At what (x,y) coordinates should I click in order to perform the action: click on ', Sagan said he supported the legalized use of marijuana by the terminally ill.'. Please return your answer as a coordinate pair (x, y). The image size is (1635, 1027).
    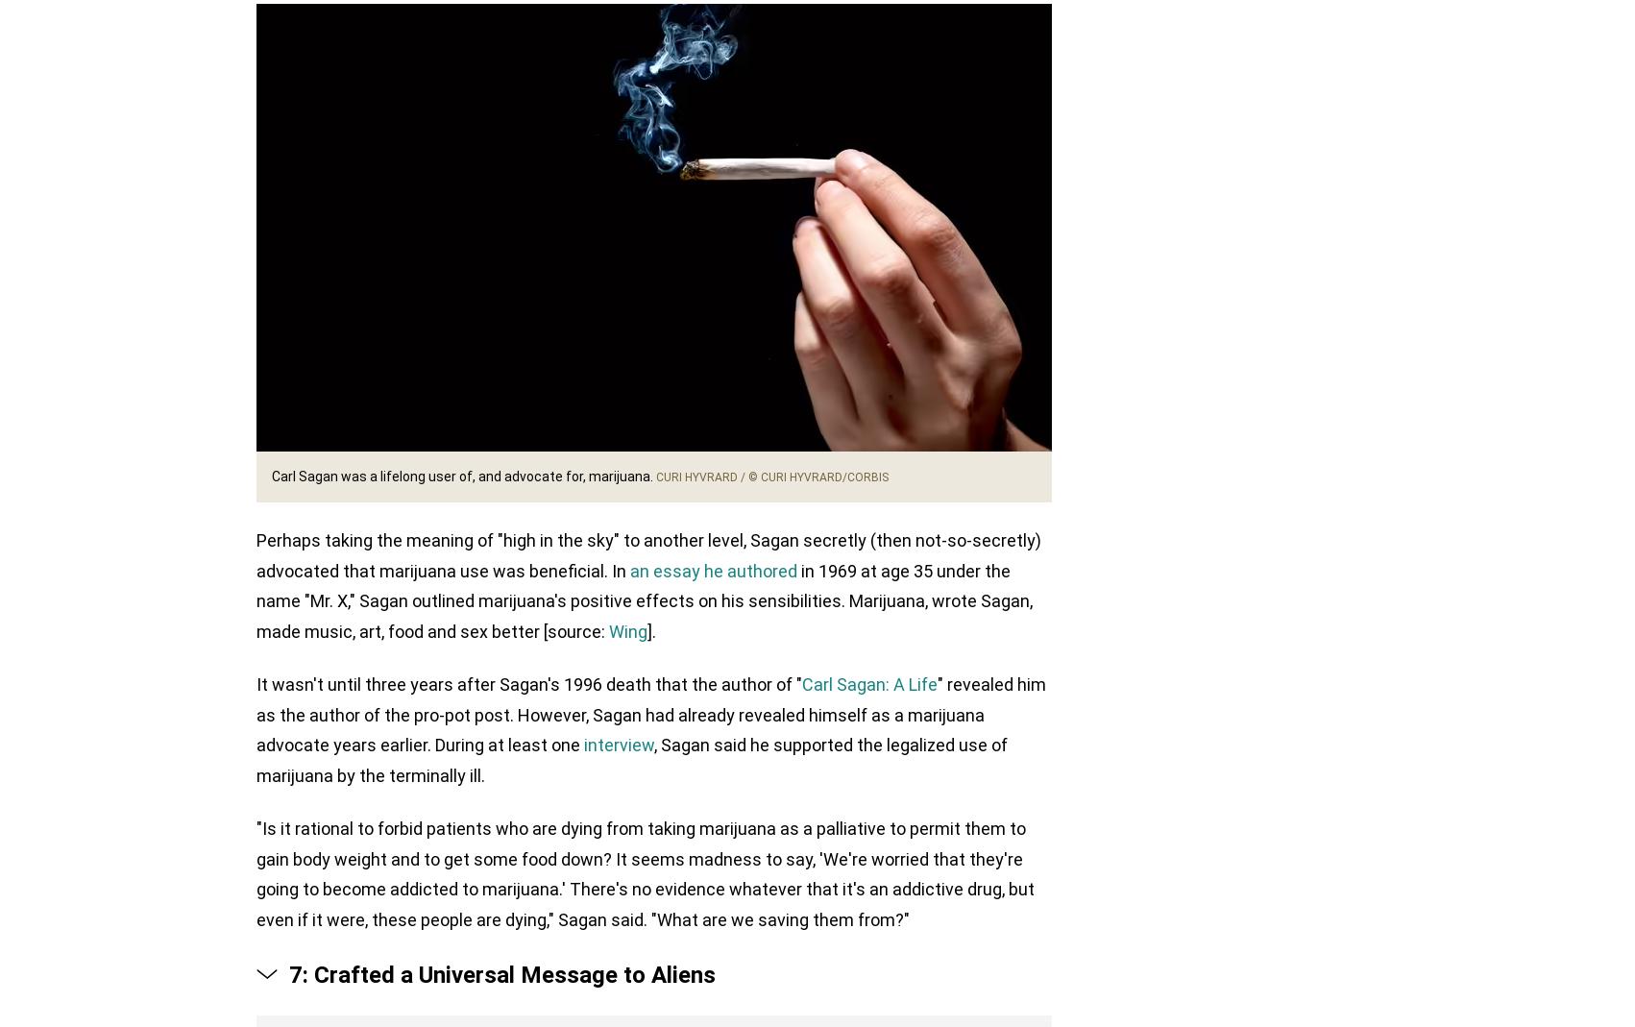
    Looking at the image, I should click on (631, 761).